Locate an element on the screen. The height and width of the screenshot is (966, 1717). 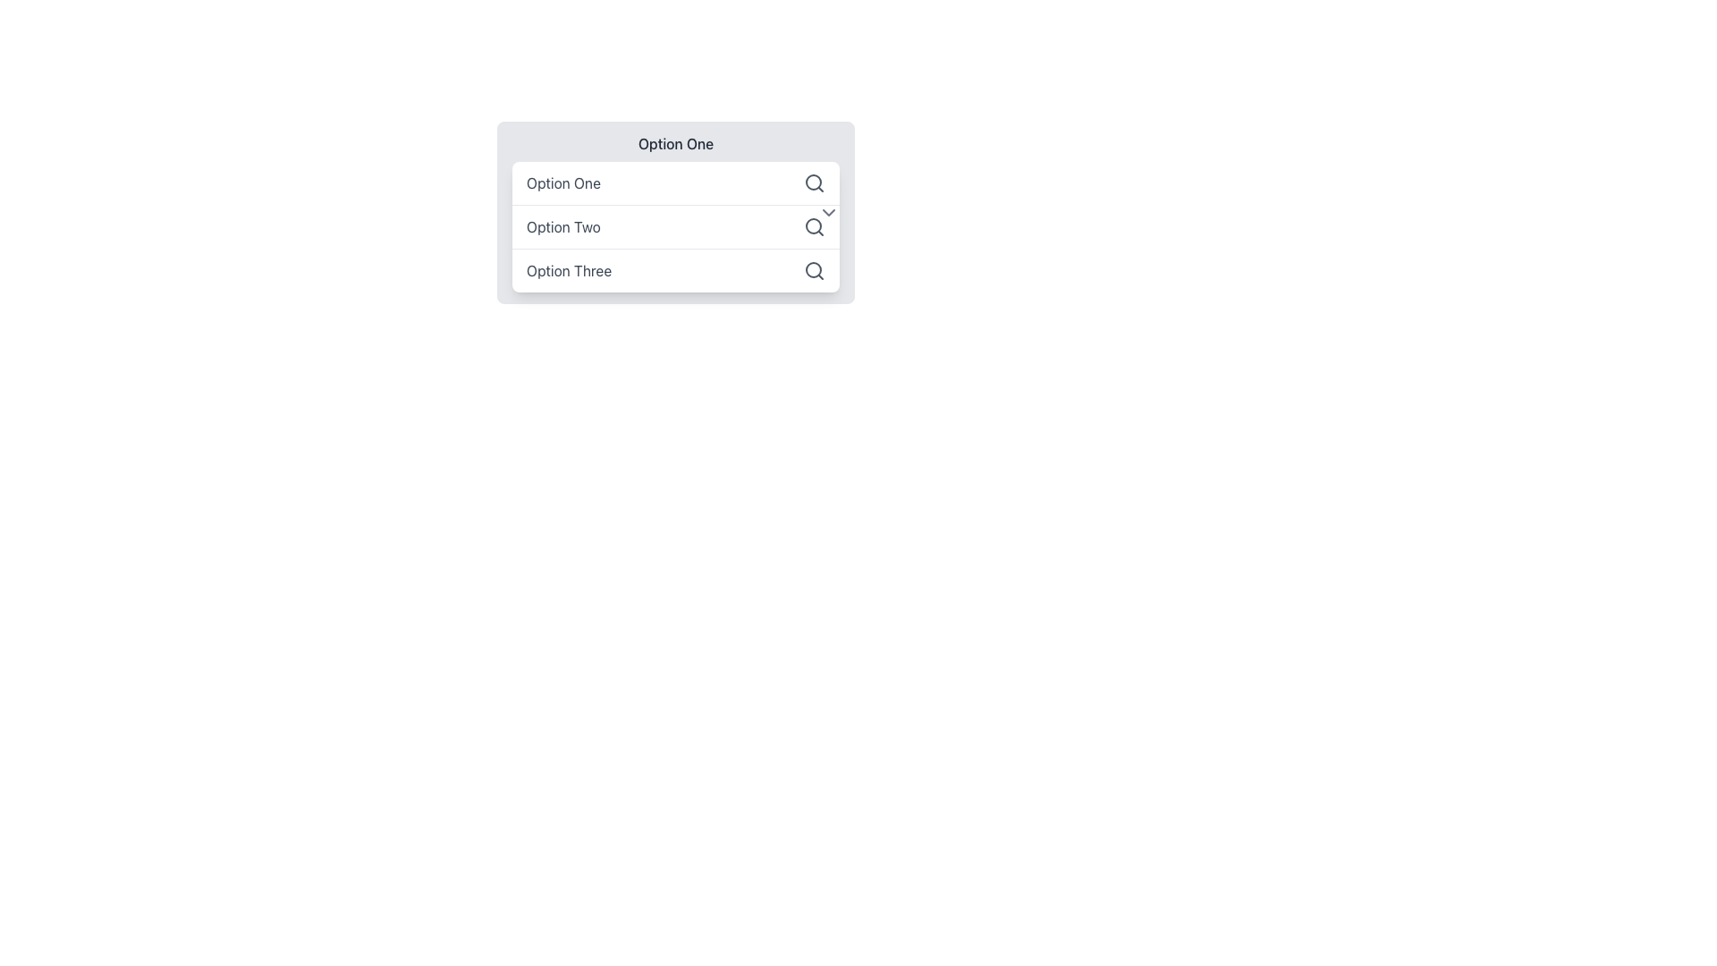
the circular part of the search icon aligned to the right of 'Option One' in the vertical list of options is located at coordinates (813, 269).